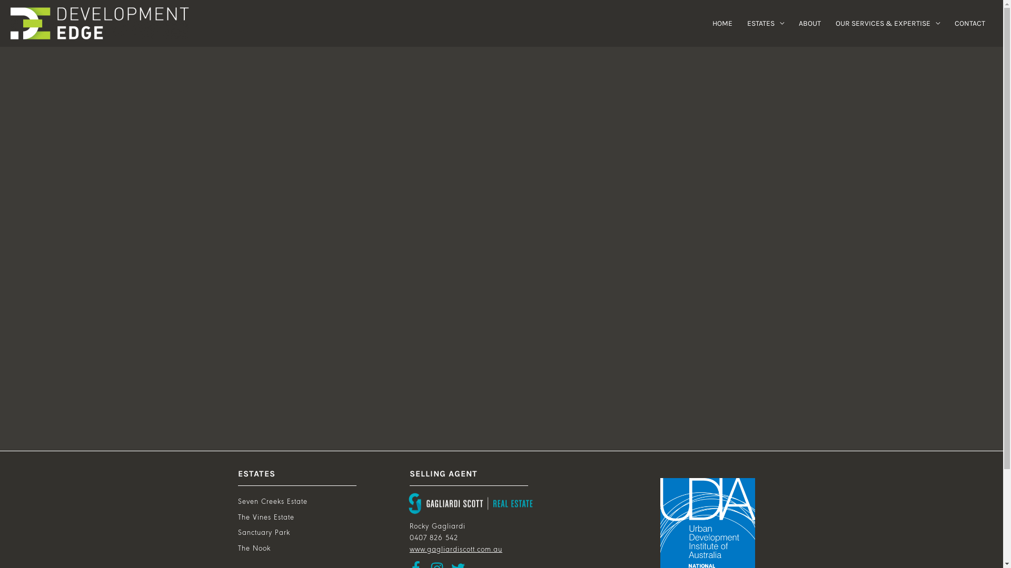  Describe the element at coordinates (722, 23) in the screenshot. I see `'HOME'` at that location.